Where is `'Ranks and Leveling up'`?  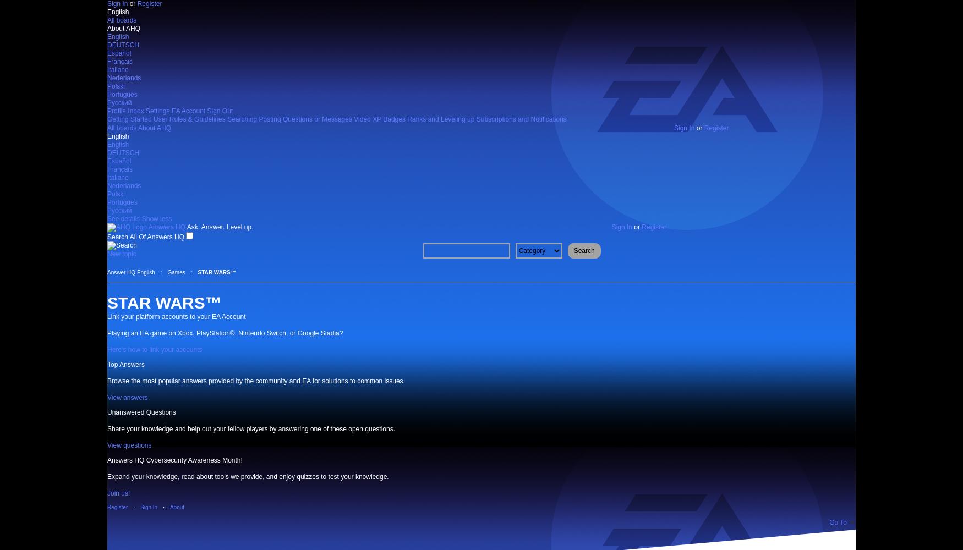 'Ranks and Leveling up' is located at coordinates (440, 119).